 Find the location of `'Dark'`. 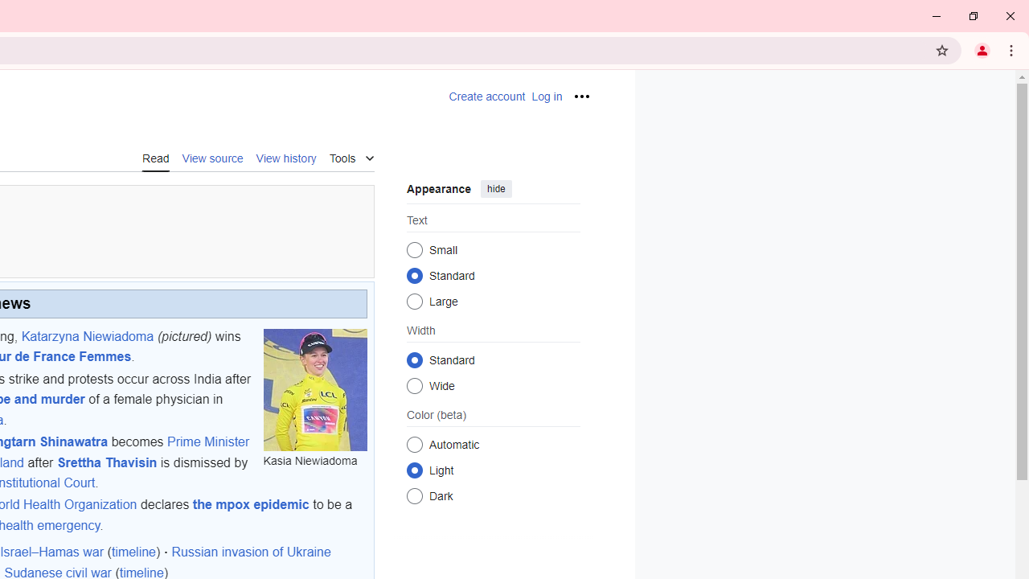

'Dark' is located at coordinates (414, 495).